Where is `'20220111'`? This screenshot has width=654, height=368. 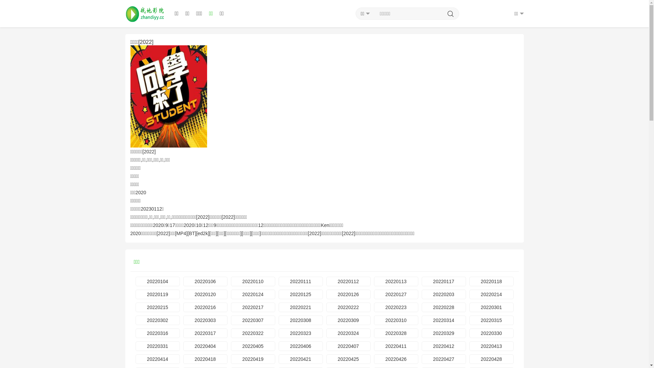 '20220111' is located at coordinates (300, 281).